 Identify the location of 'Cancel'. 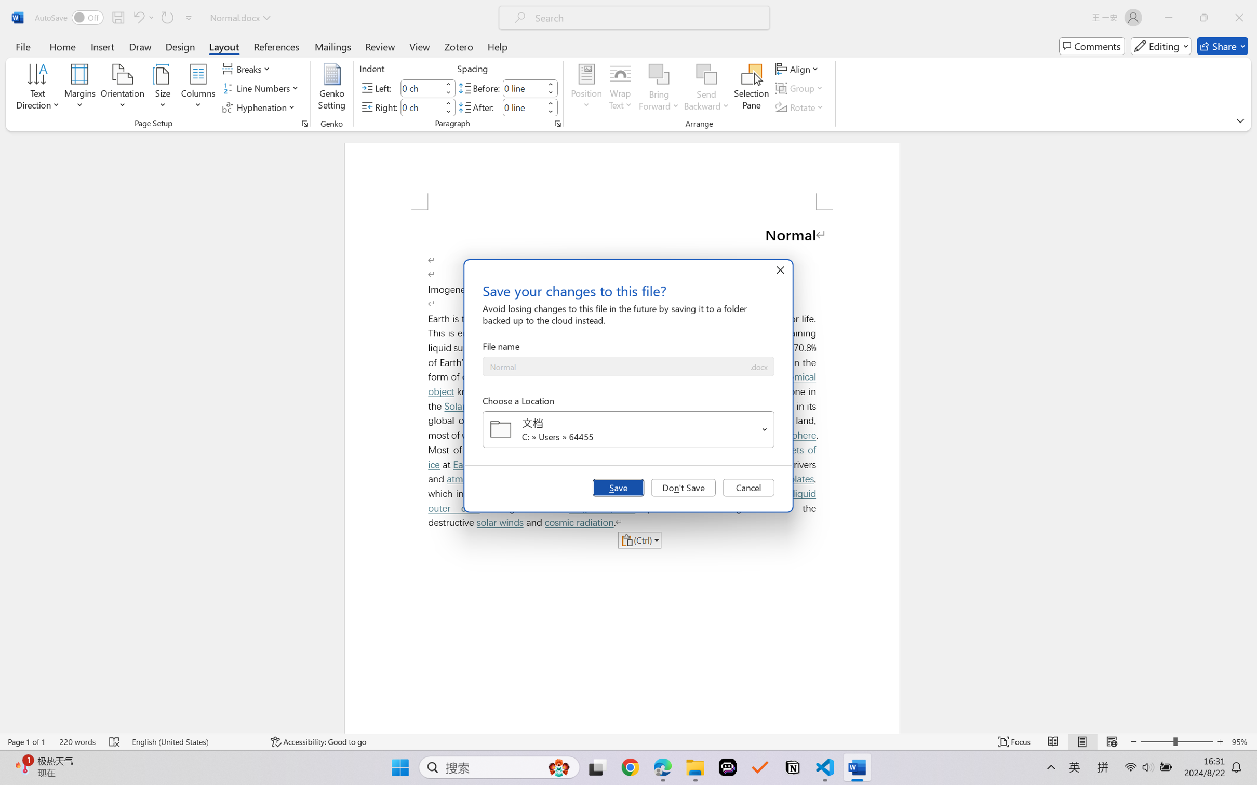
(748, 486).